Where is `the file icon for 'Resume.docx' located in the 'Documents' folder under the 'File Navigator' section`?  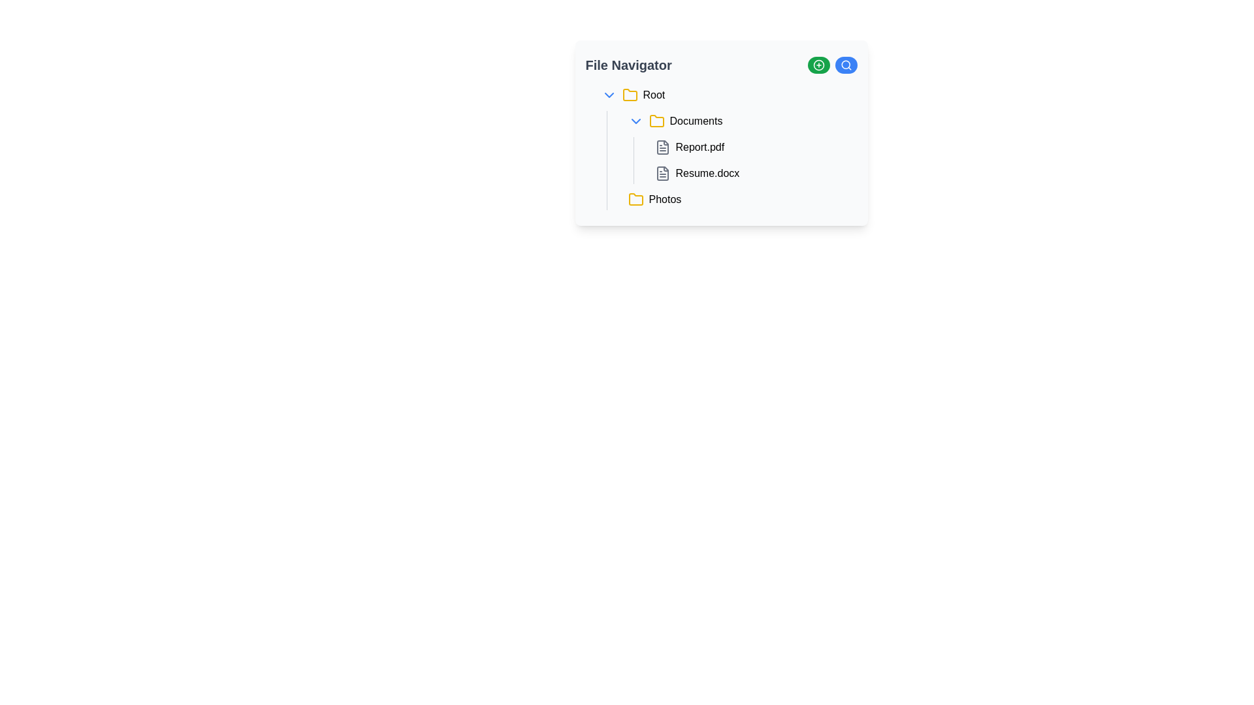 the file icon for 'Resume.docx' located in the 'Documents' folder under the 'File Navigator' section is located at coordinates (662, 173).